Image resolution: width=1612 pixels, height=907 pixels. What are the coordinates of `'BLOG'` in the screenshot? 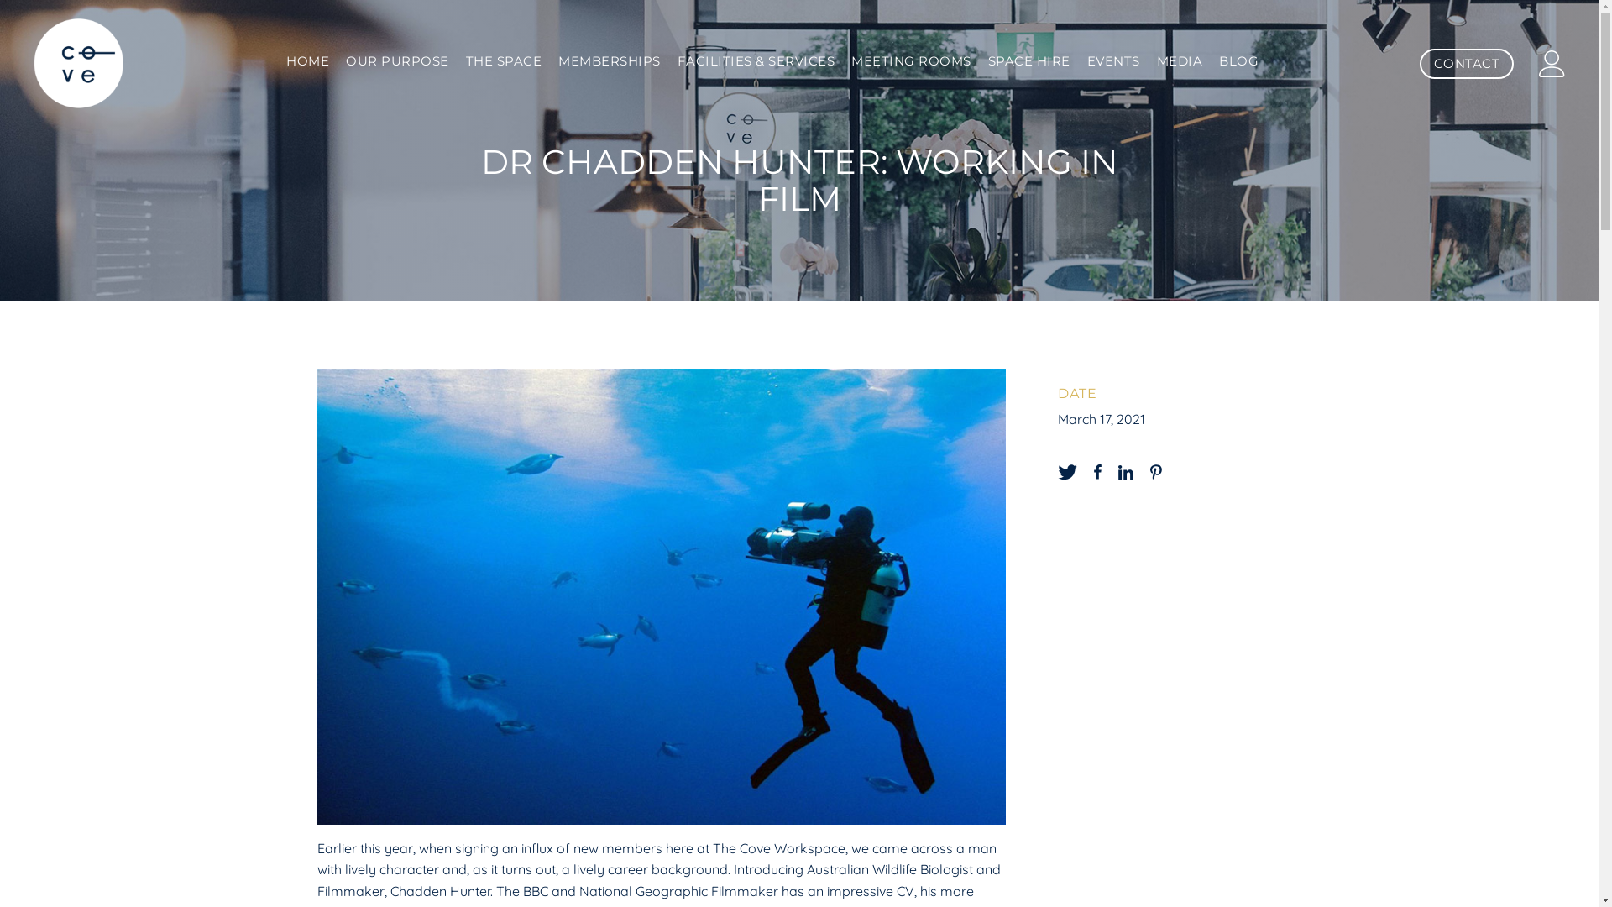 It's located at (1238, 60).